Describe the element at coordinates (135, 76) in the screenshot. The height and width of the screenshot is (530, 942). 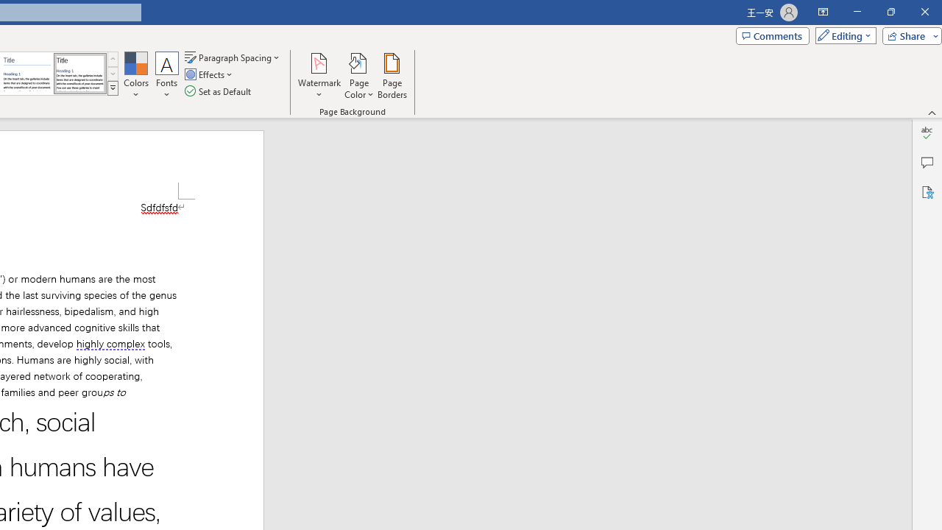
I see `'Colors'` at that location.